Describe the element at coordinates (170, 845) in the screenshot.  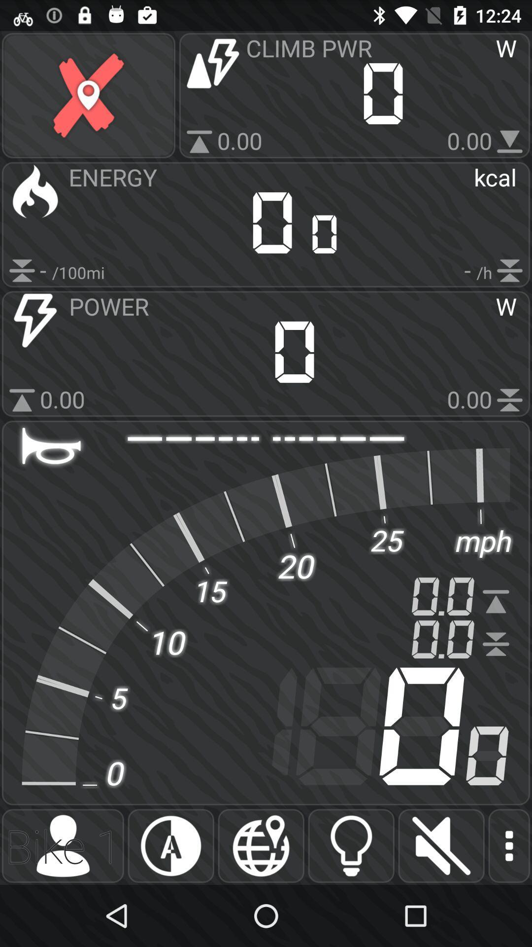
I see `this is a vehicle meter` at that location.